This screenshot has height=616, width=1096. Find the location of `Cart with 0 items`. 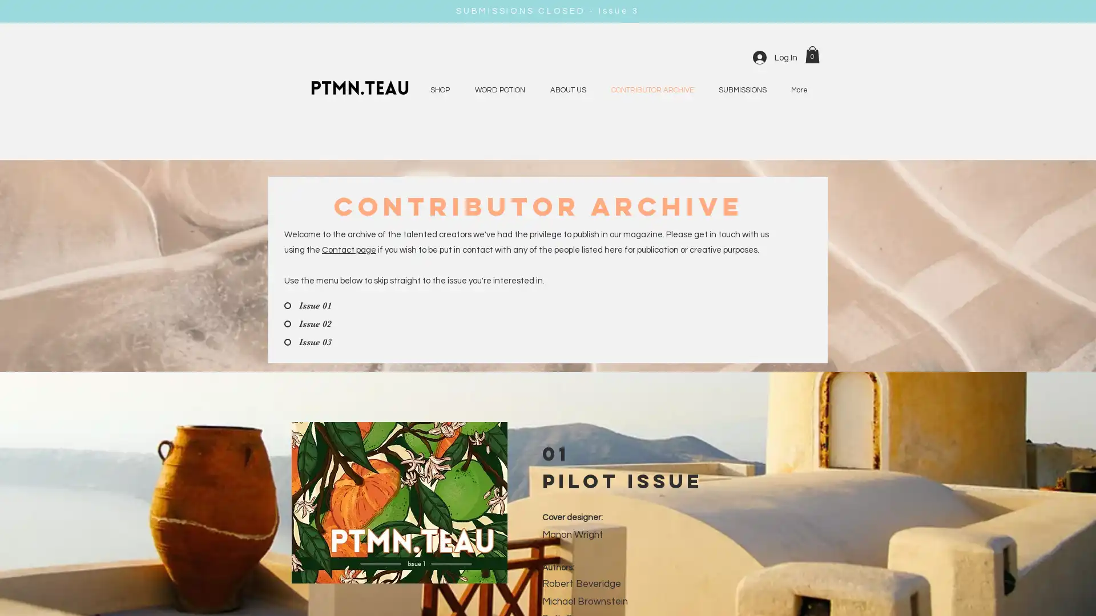

Cart with 0 items is located at coordinates (812, 54).